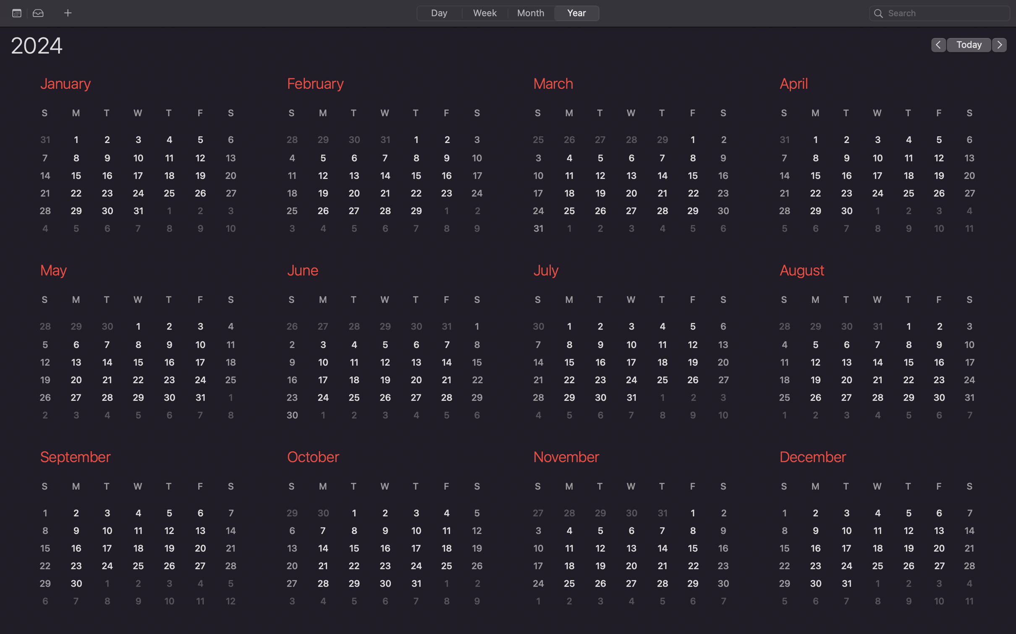 The height and width of the screenshot is (634, 1016). Describe the element at coordinates (626, 161) in the screenshot. I see `the March section of the calendar to view it in detail` at that location.